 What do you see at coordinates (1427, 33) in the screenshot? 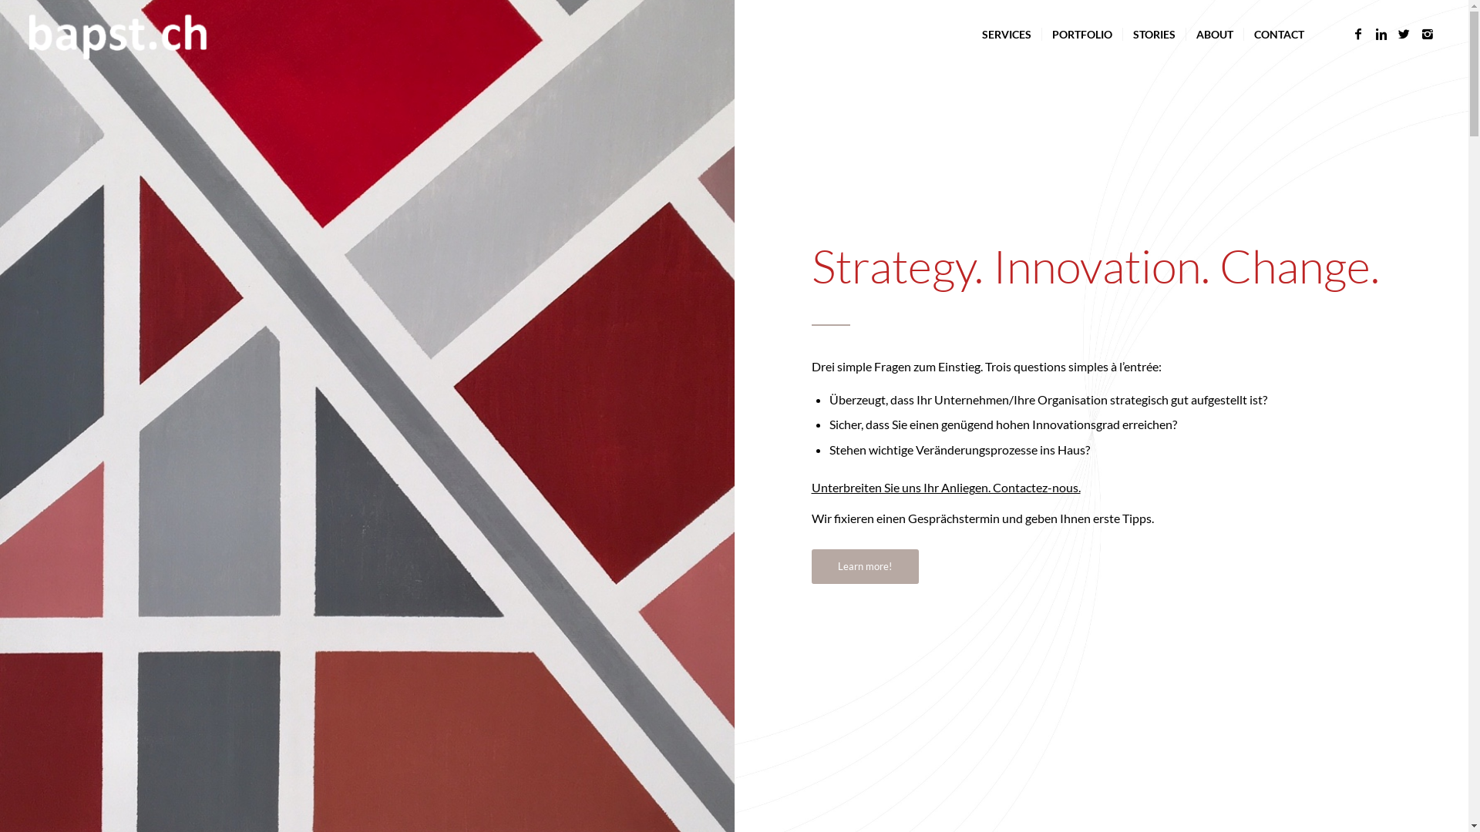
I see `'Instagram'` at bounding box center [1427, 33].